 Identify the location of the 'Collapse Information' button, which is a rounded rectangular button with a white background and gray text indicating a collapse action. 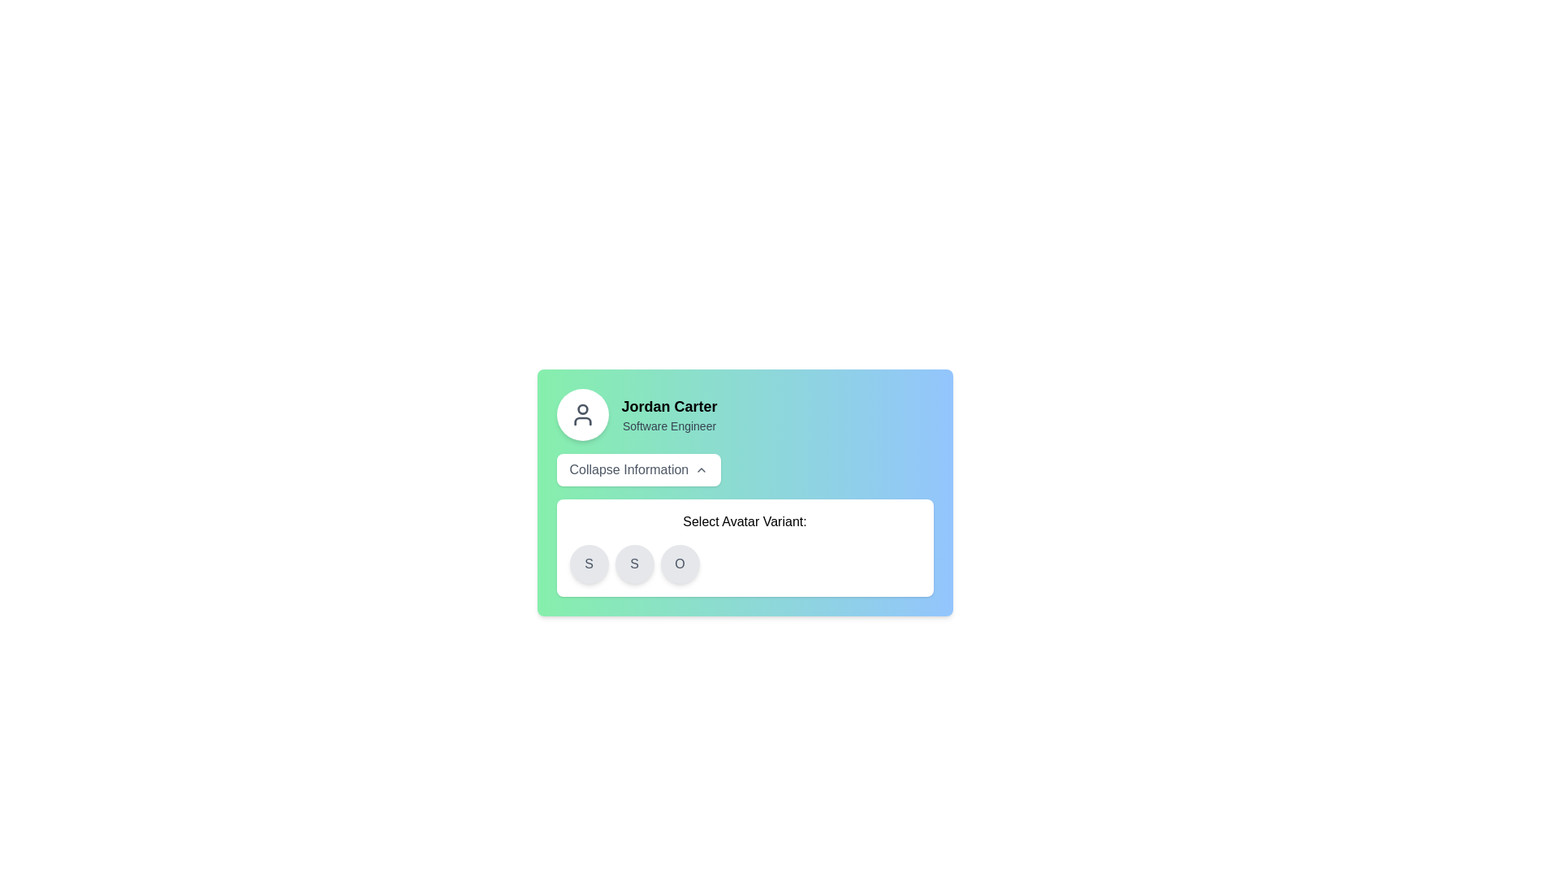
(637, 469).